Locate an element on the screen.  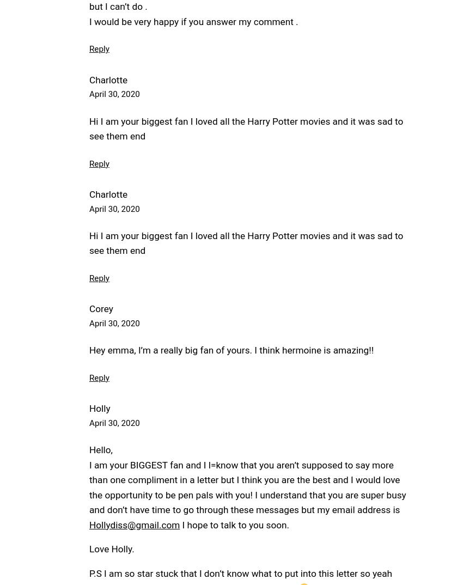
'Holly' is located at coordinates (99, 408).